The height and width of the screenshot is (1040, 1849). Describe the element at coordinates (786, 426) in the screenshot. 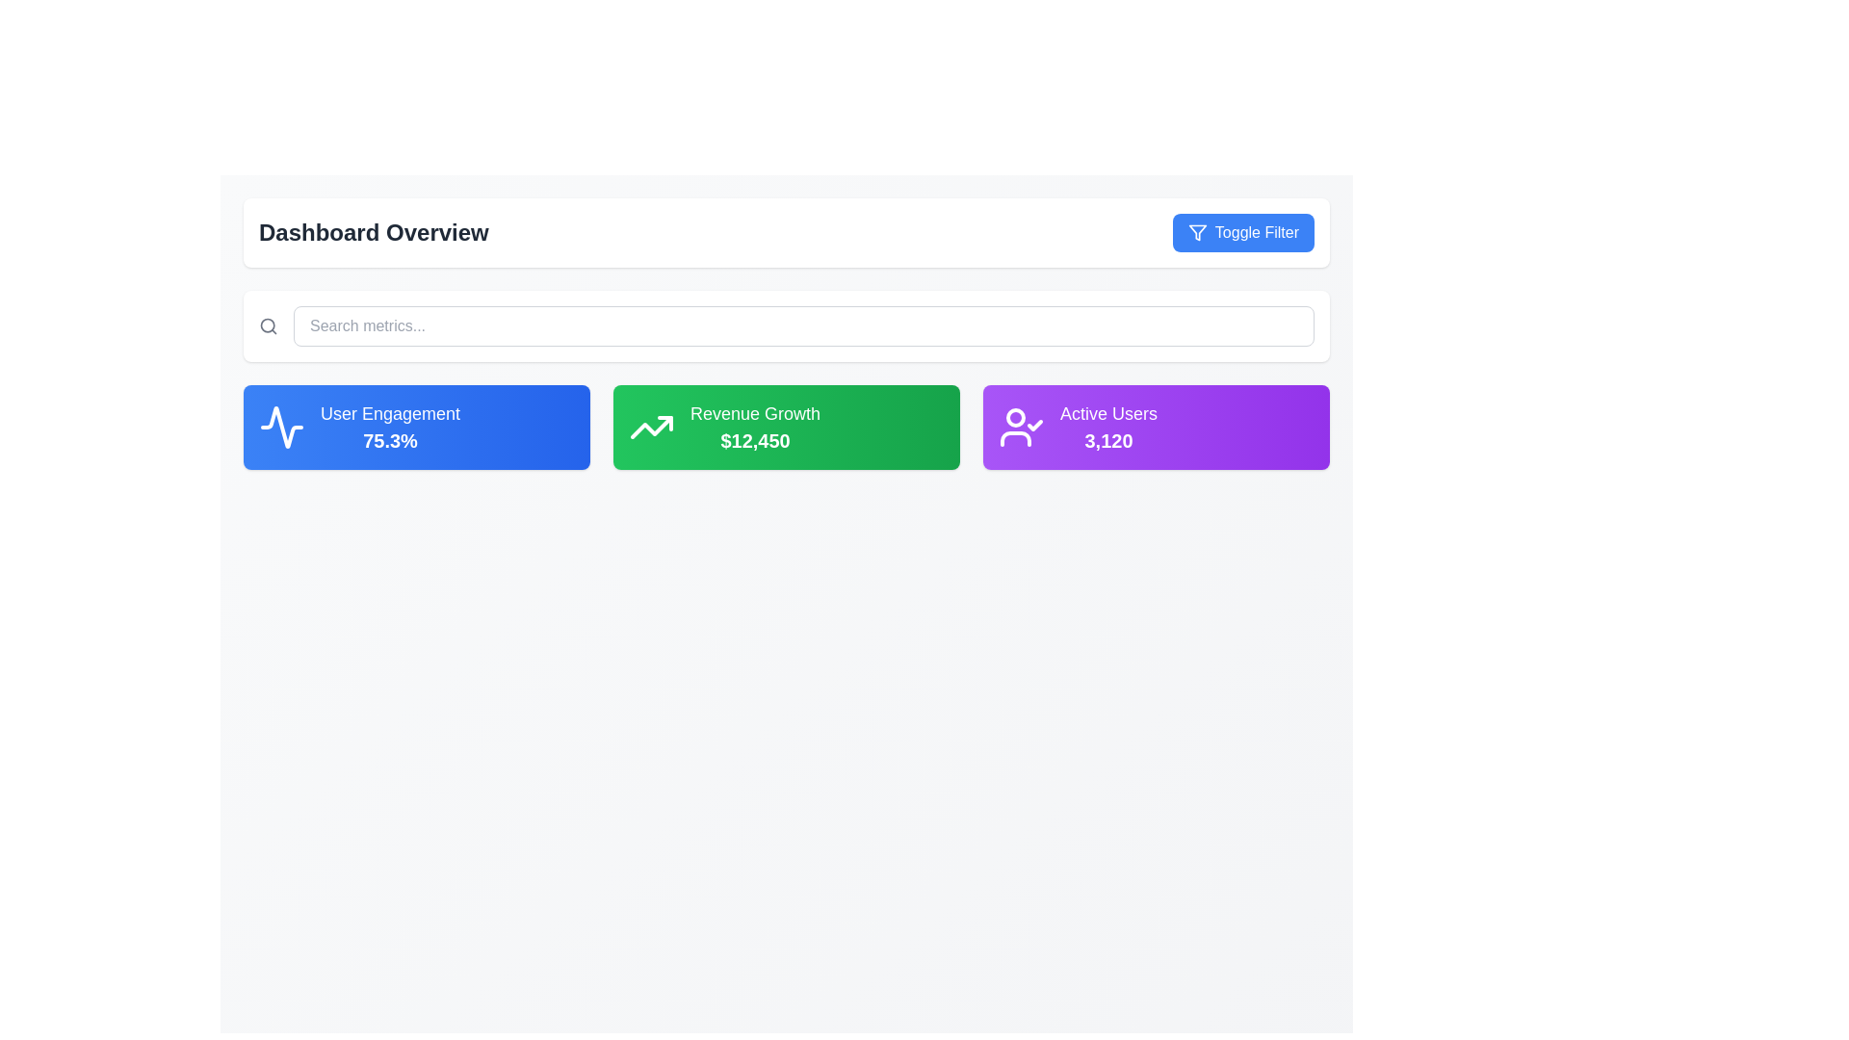

I see `the second information display card showing 'Revenue Growth' with the current value '$12,450', positioned between the 'User Engagement' and 'Active Users' cards in the 'Dashboard Overview' section` at that location.